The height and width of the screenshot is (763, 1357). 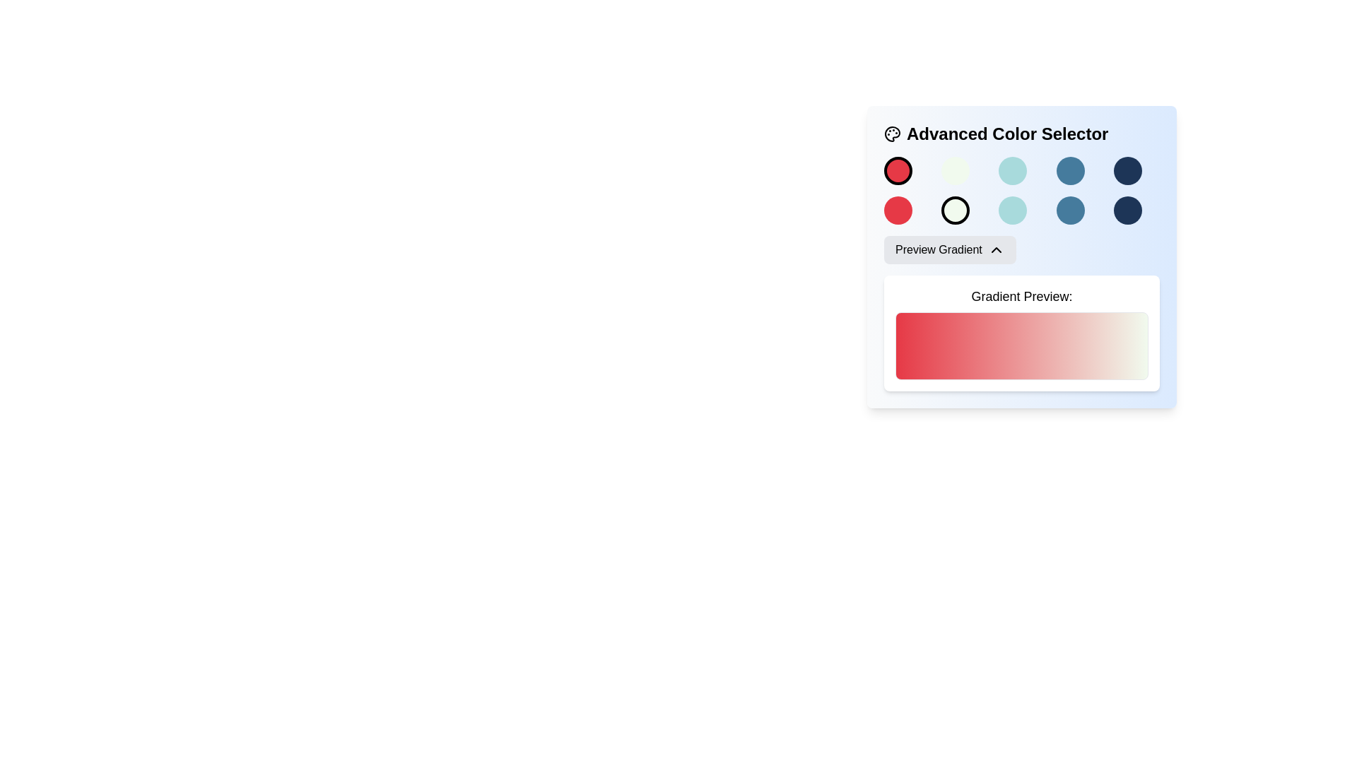 What do you see at coordinates (898, 210) in the screenshot?
I see `the circular color selection button with a red background located at the top of the Advanced Color Selector panel` at bounding box center [898, 210].